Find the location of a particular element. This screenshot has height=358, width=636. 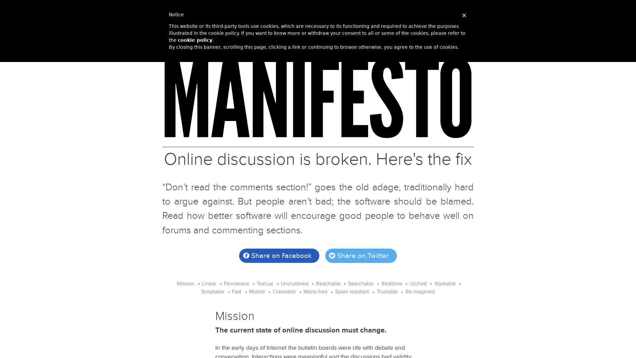

T Share on Twitter is located at coordinates (360, 255).